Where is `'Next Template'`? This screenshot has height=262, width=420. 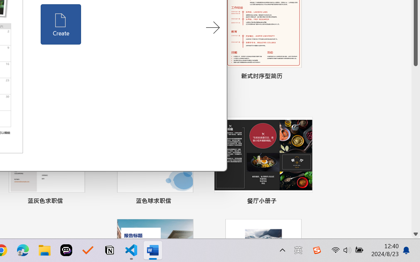 'Next Template' is located at coordinates (213, 28).